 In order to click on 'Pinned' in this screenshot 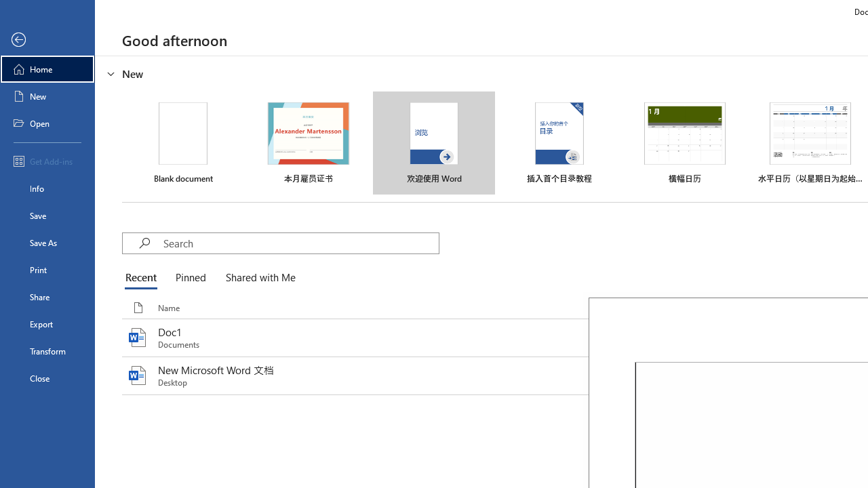, I will do `click(189, 278)`.